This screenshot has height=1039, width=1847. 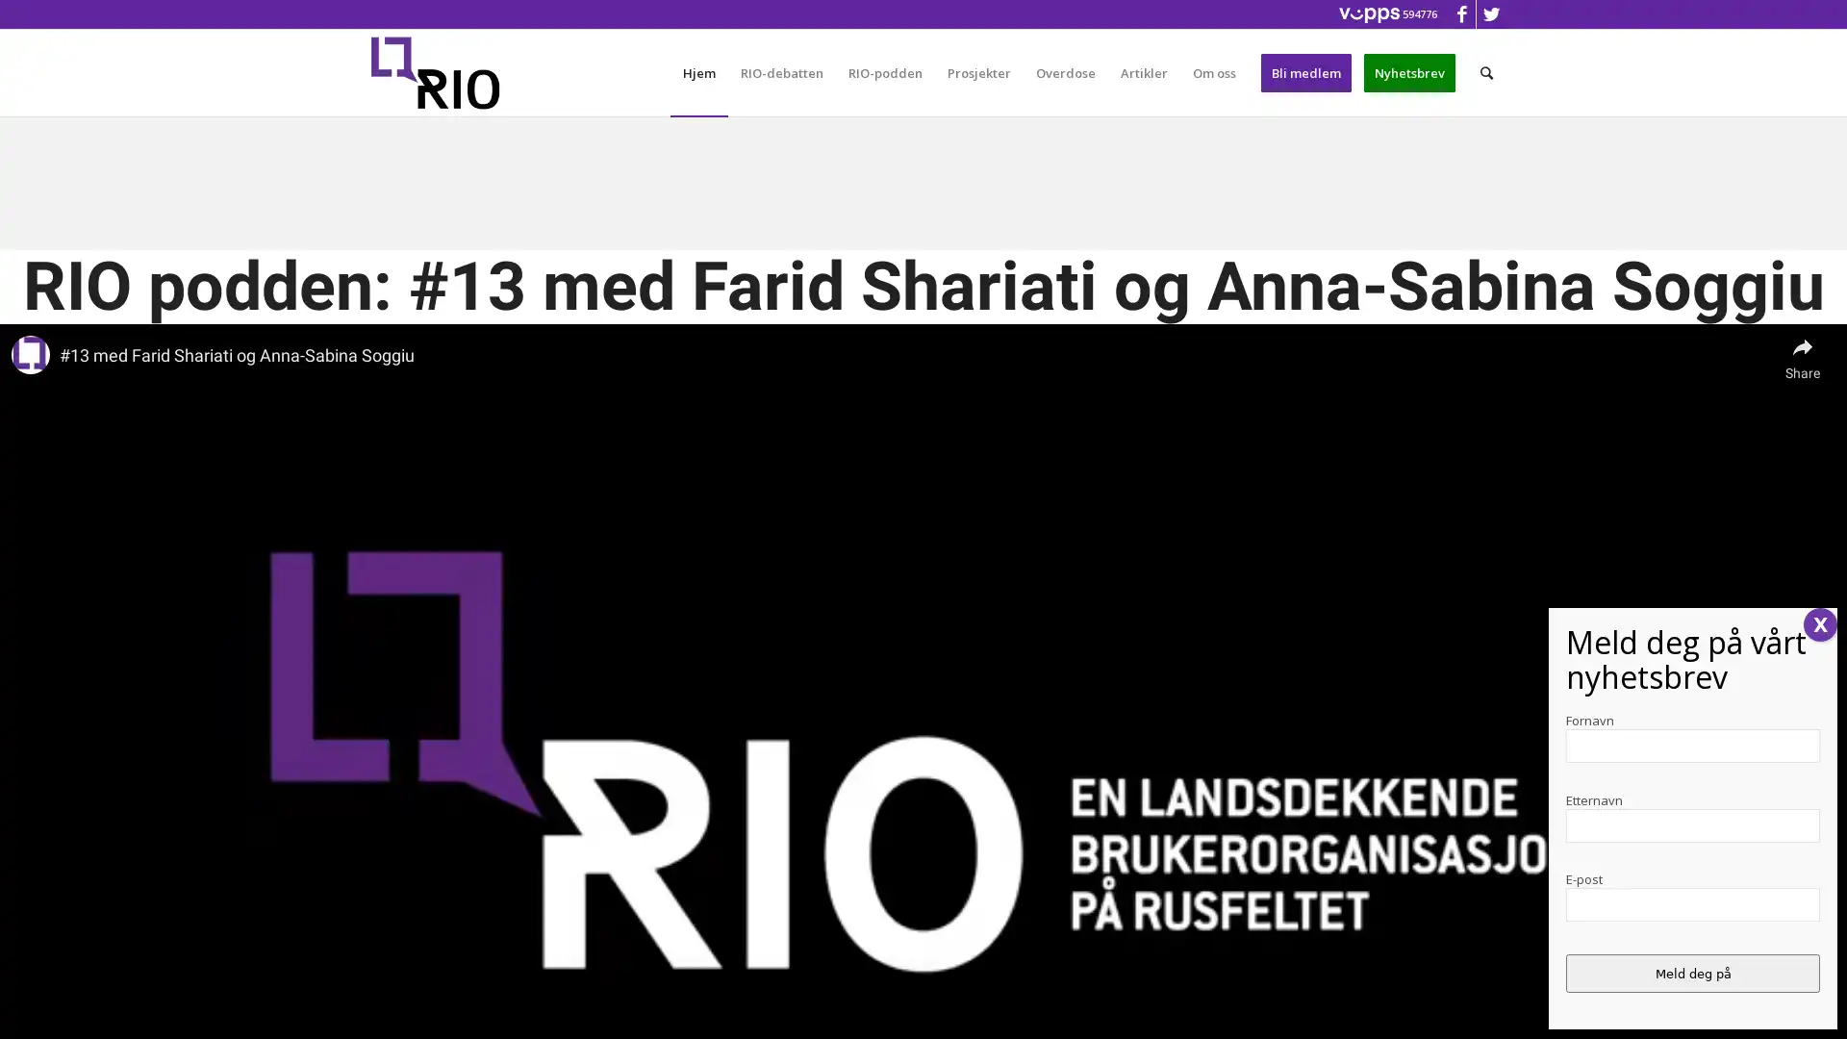 I want to click on Close, so click(x=1819, y=624).